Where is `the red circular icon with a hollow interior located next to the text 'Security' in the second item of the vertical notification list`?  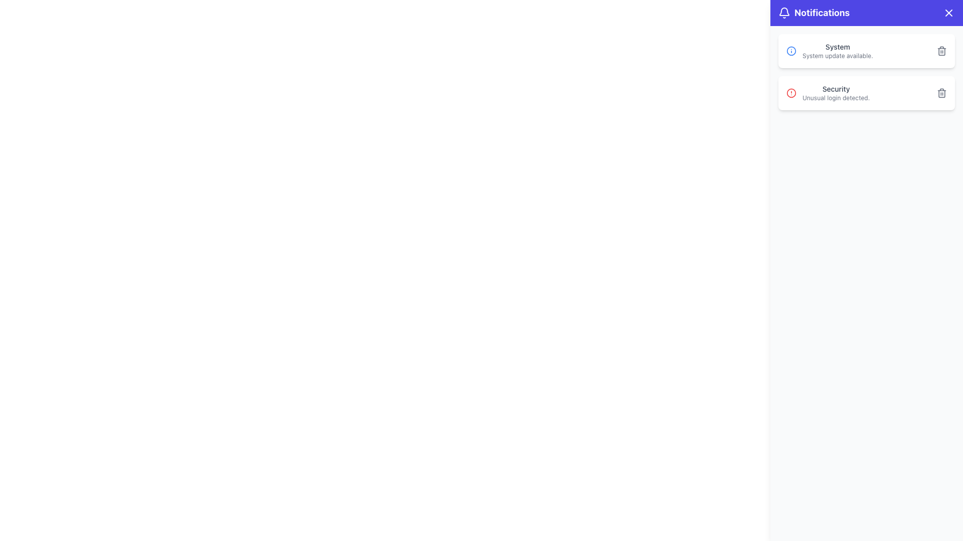
the red circular icon with a hollow interior located next to the text 'Security' in the second item of the vertical notification list is located at coordinates (791, 93).